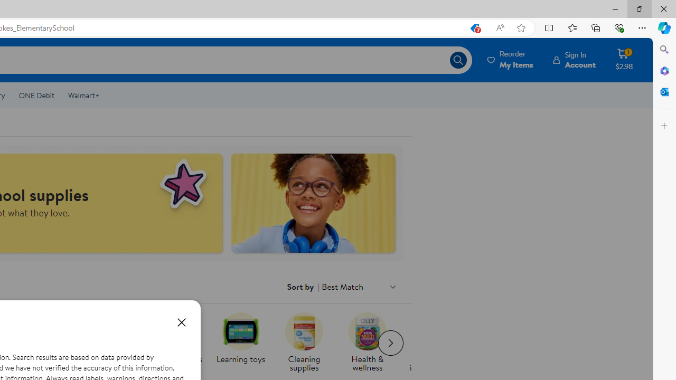 This screenshot has width=676, height=380. What do you see at coordinates (474, 27) in the screenshot?
I see `'This site has coupons! Shopping in Microsoft Edge, 7'` at bounding box center [474, 27].